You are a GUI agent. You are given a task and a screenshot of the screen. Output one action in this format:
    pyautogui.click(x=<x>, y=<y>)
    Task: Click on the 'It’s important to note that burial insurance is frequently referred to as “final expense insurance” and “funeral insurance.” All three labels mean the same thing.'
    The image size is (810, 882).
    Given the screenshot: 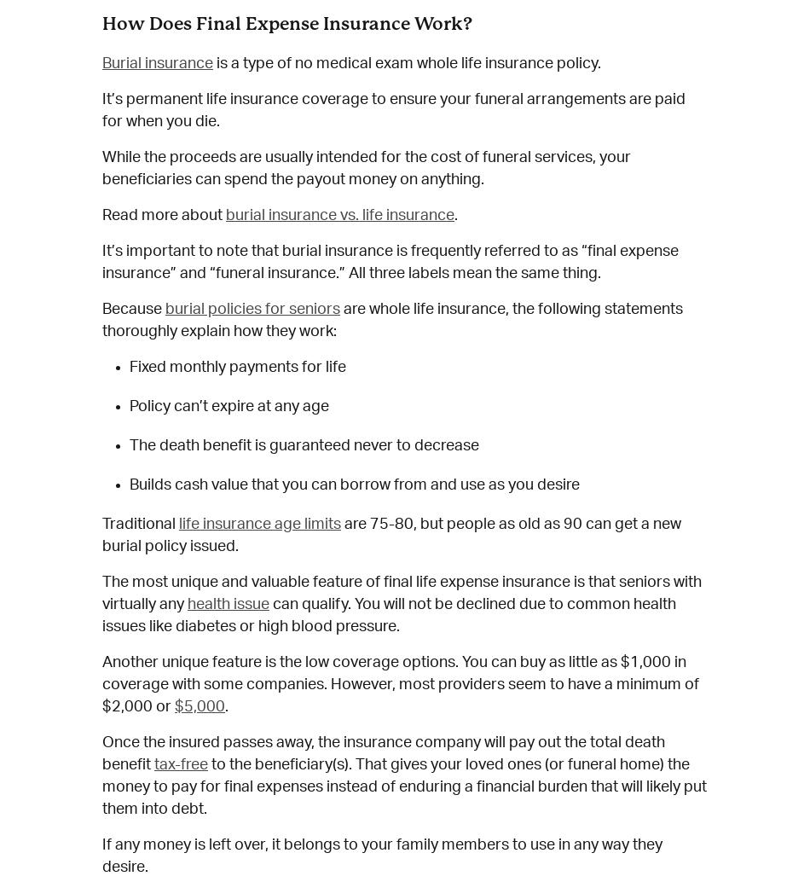 What is the action you would take?
    pyautogui.click(x=389, y=260)
    